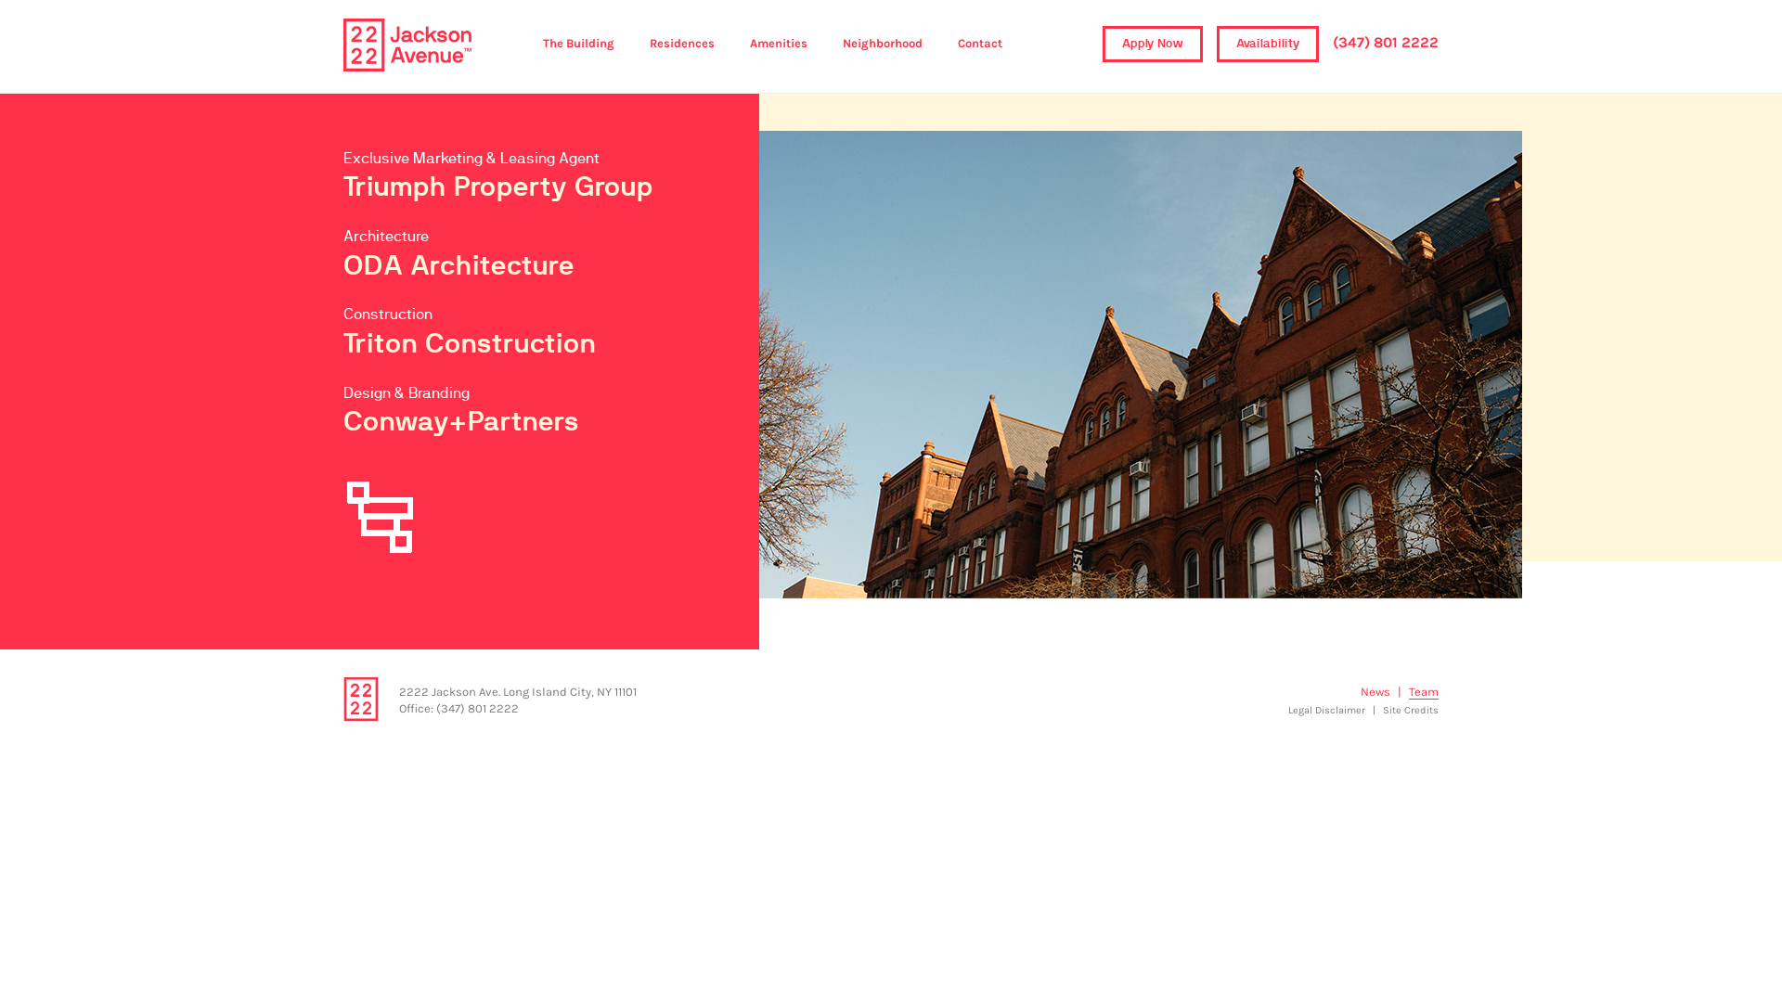  What do you see at coordinates (1152, 43) in the screenshot?
I see `'Apply Now'` at bounding box center [1152, 43].